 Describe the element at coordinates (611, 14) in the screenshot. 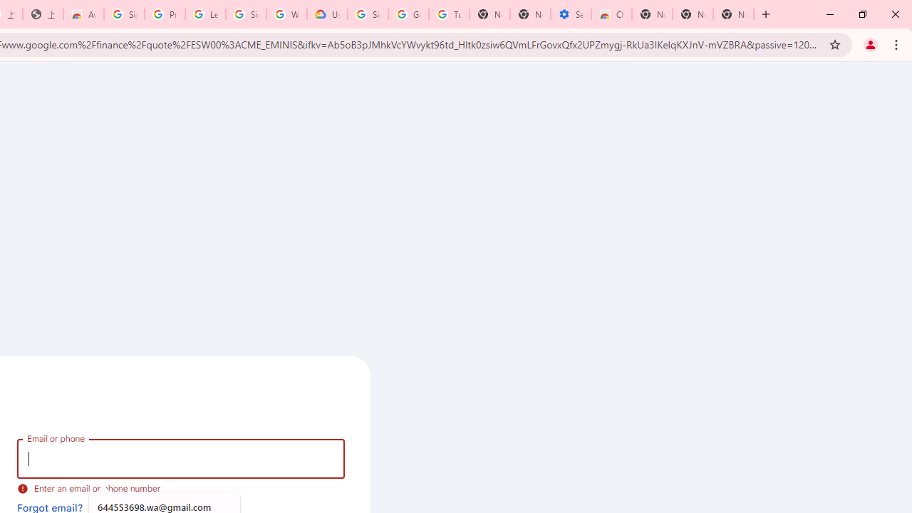

I see `'Chrome Web Store - Accessibility extensions'` at that location.